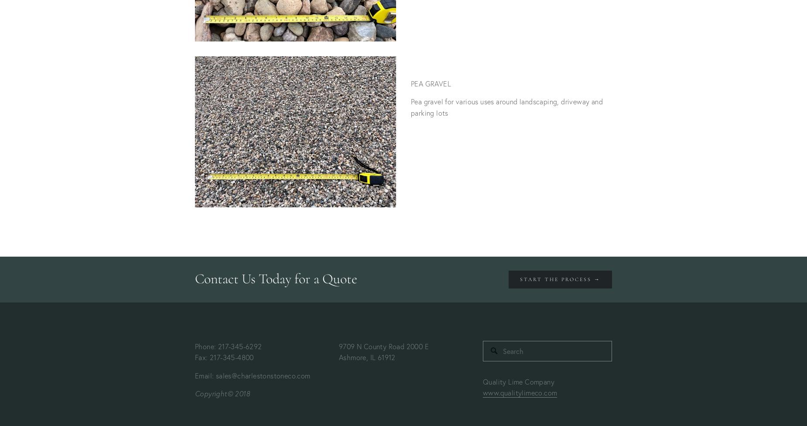  I want to click on '9709 N County Road 2000 E', so click(339, 346).